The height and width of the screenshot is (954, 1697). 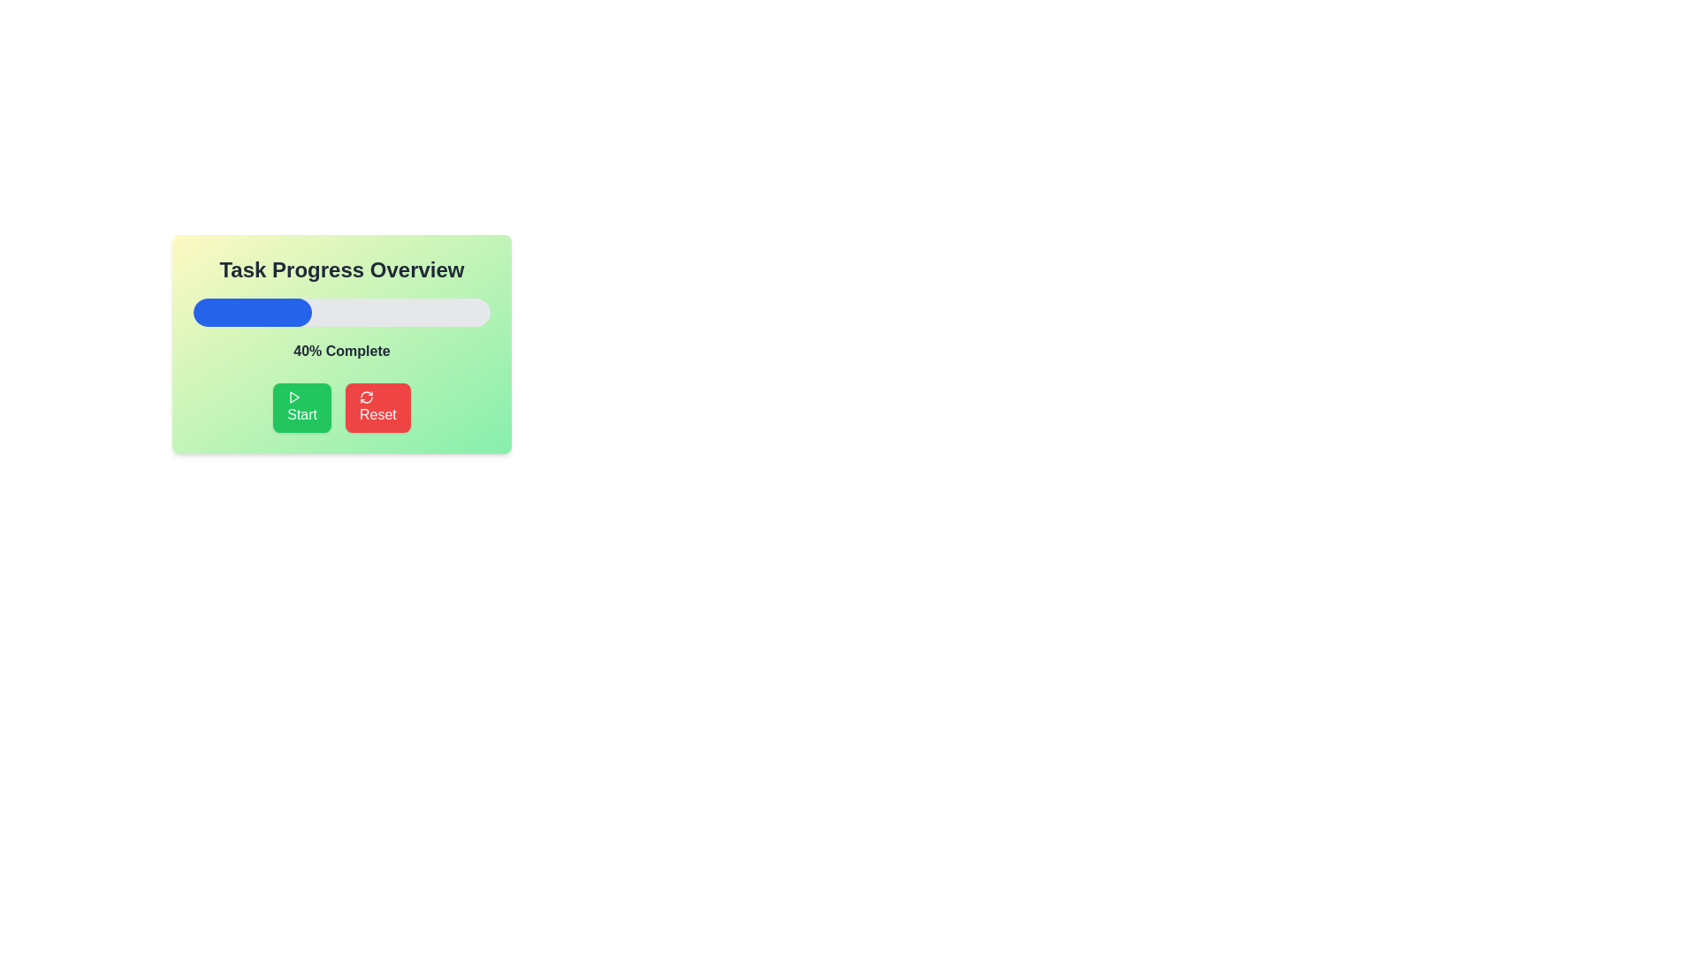 What do you see at coordinates (365, 397) in the screenshot?
I see `the 'Reset' button that contains the refresh icon, which is positioned to the left of the text 'Reset'` at bounding box center [365, 397].